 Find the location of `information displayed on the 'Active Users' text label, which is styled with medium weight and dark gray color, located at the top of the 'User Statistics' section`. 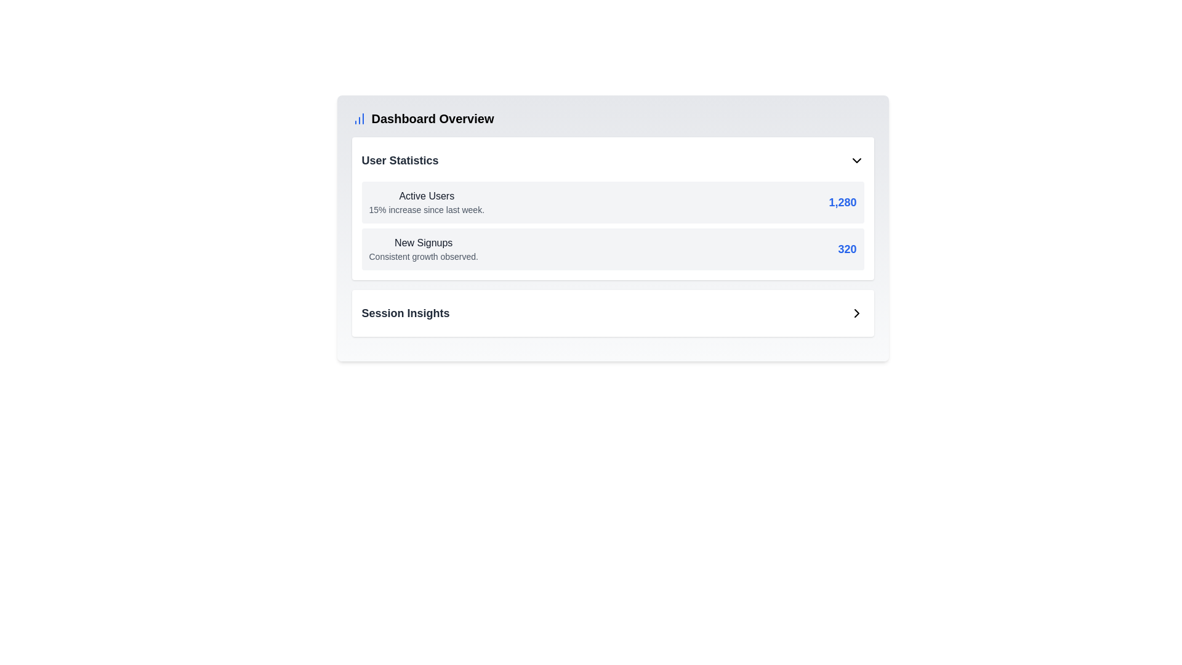

information displayed on the 'Active Users' text label, which is styled with medium weight and dark gray color, located at the top of the 'User Statistics' section is located at coordinates (427, 196).